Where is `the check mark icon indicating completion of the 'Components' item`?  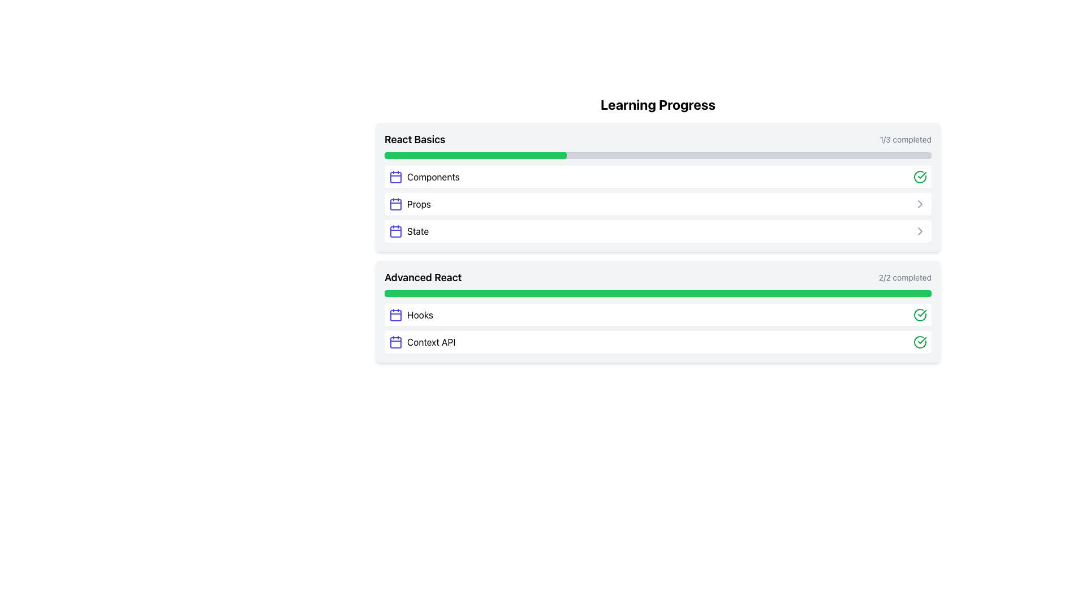
the check mark icon indicating completion of the 'Components' item is located at coordinates (920, 177).